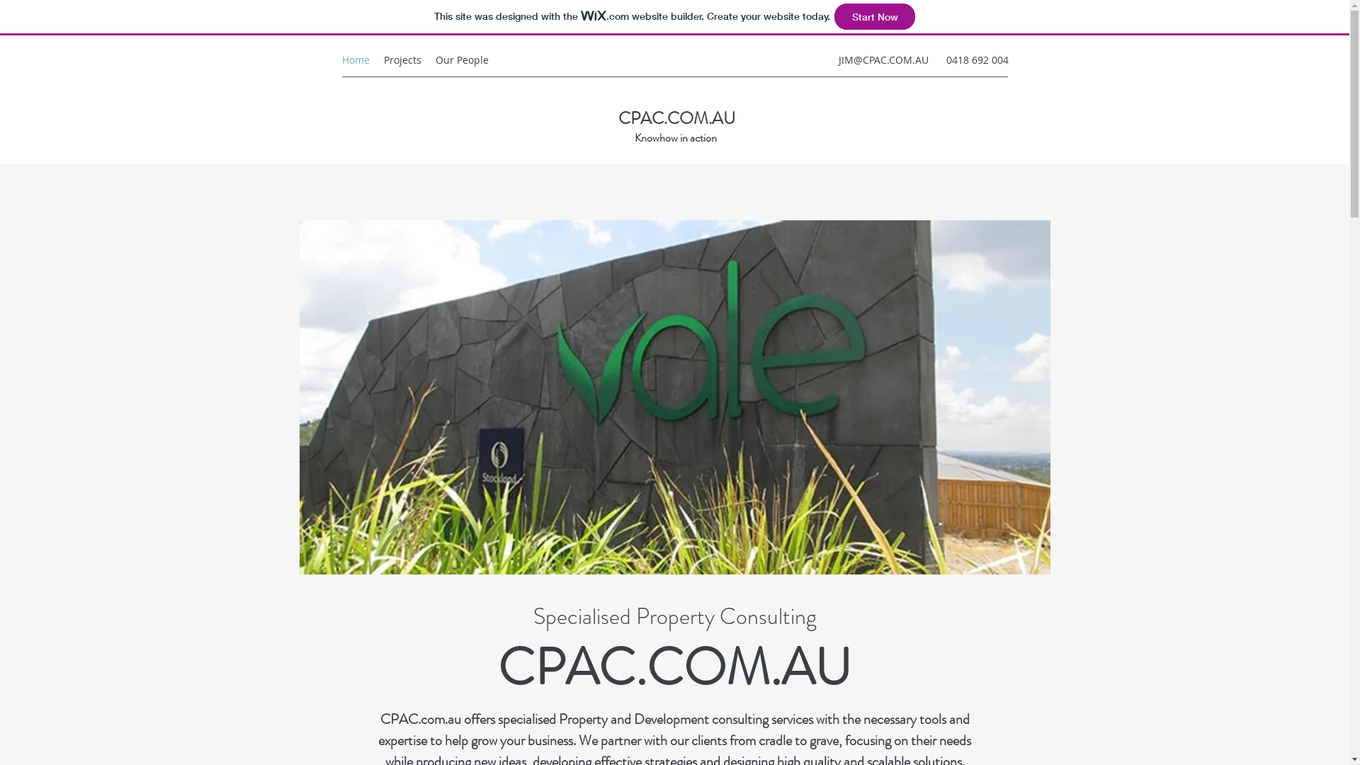 This screenshot has height=765, width=1360. I want to click on 'Projects', so click(402, 59).